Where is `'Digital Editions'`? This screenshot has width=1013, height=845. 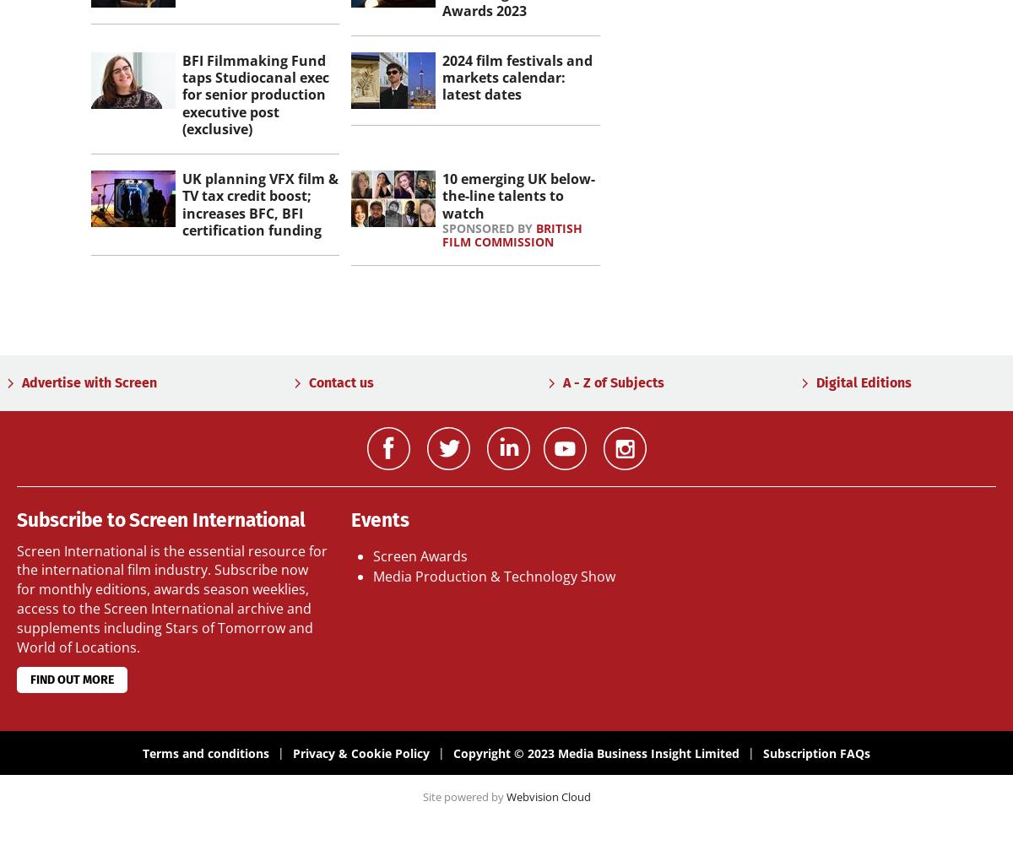 'Digital Editions' is located at coordinates (815, 382).